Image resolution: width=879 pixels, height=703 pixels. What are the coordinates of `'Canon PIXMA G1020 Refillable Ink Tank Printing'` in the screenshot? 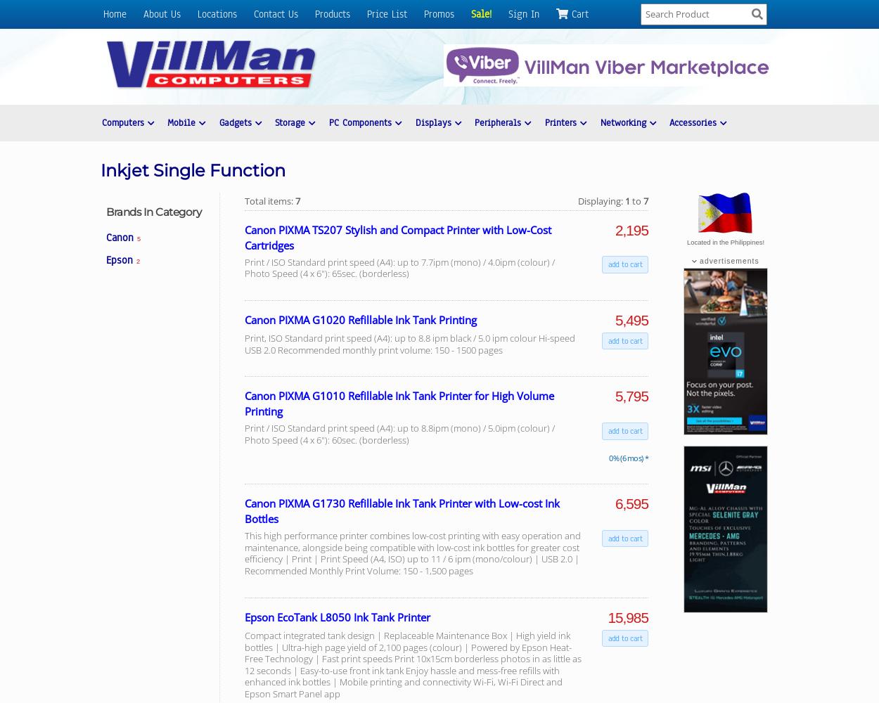 It's located at (361, 318).